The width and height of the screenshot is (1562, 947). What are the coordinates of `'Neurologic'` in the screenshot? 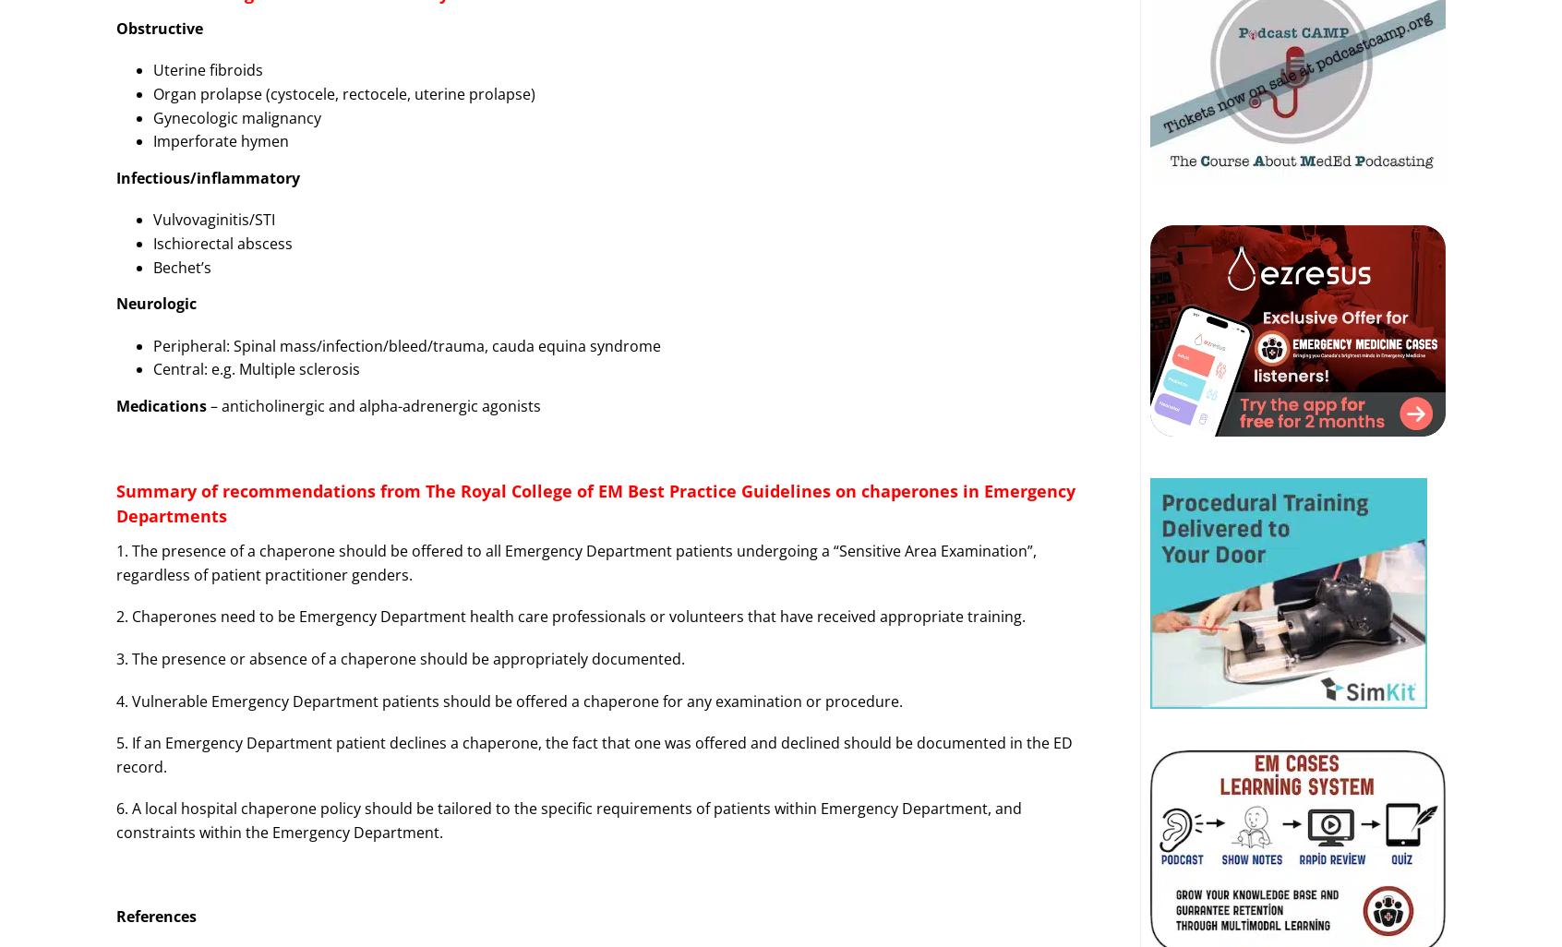 It's located at (155, 304).